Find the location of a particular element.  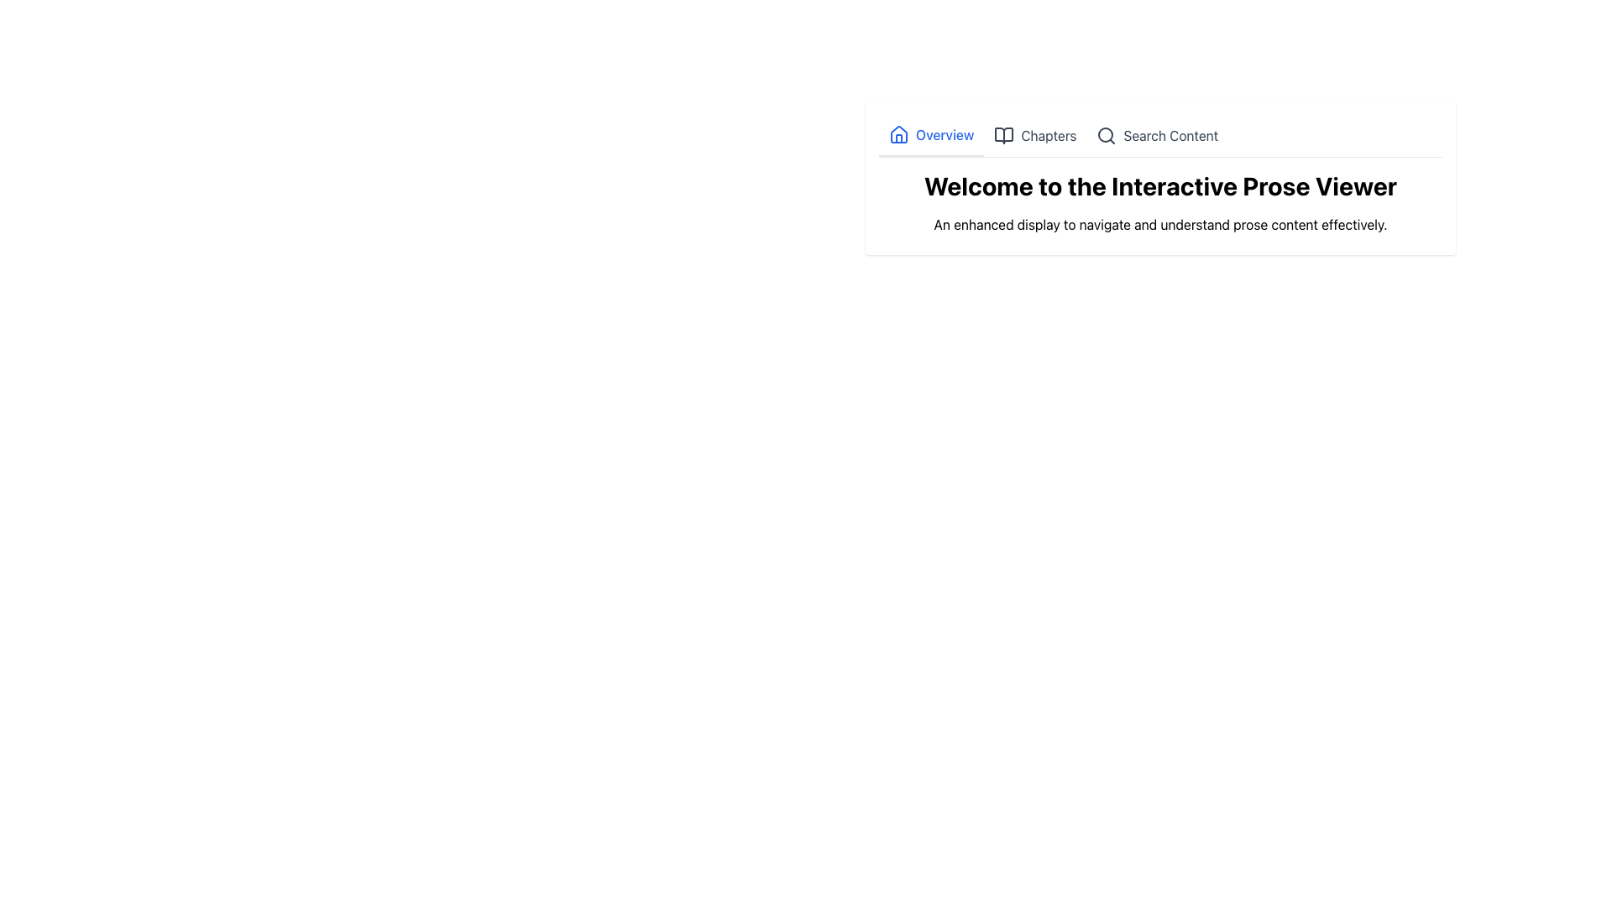

the text display that says 'An enhanced display to navigate and understand prose content effectively.' which is located below the heading 'Welcome to the Interactive Prose Viewer' is located at coordinates (1159, 223).